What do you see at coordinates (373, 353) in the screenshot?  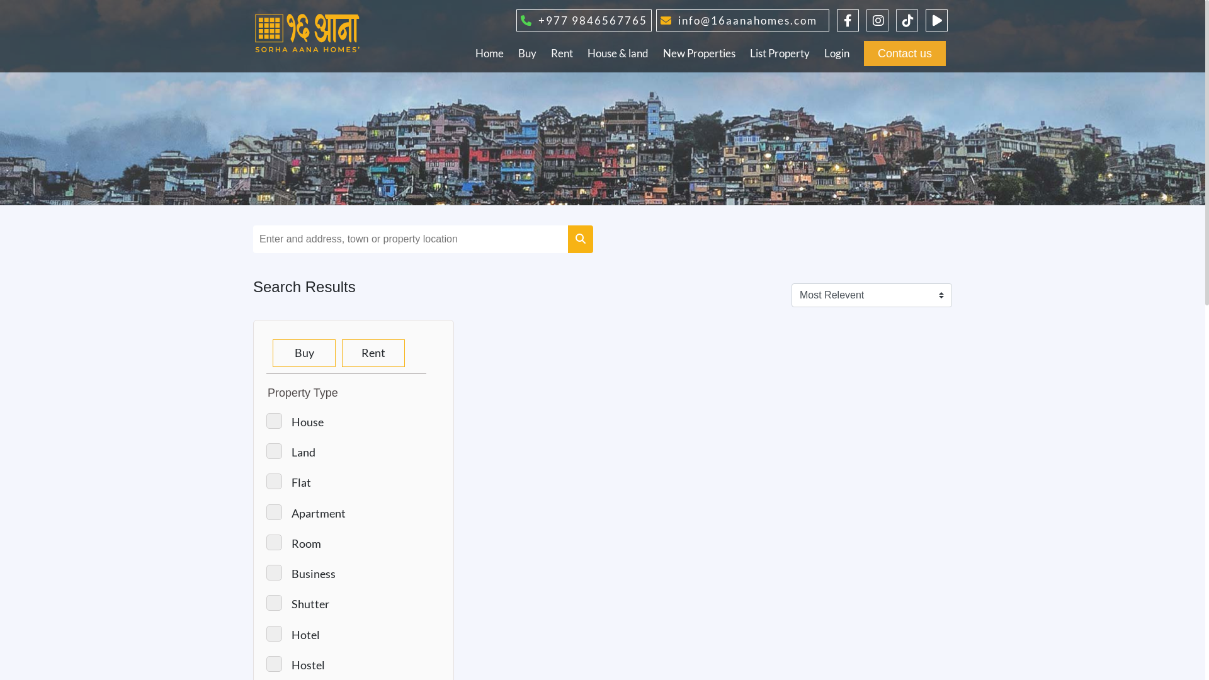 I see `'Rent'` at bounding box center [373, 353].